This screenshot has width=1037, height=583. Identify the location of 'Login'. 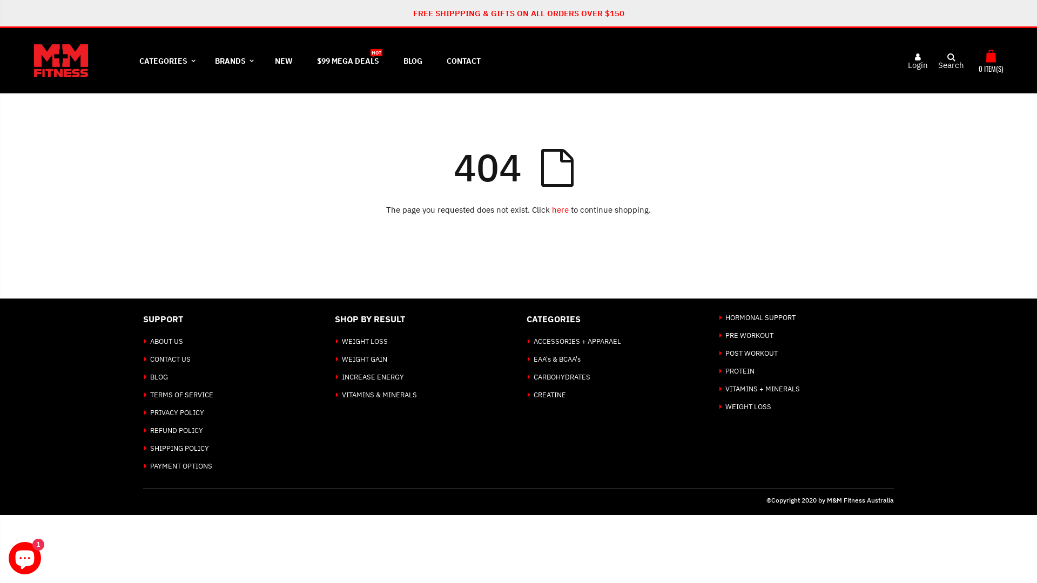
(917, 64).